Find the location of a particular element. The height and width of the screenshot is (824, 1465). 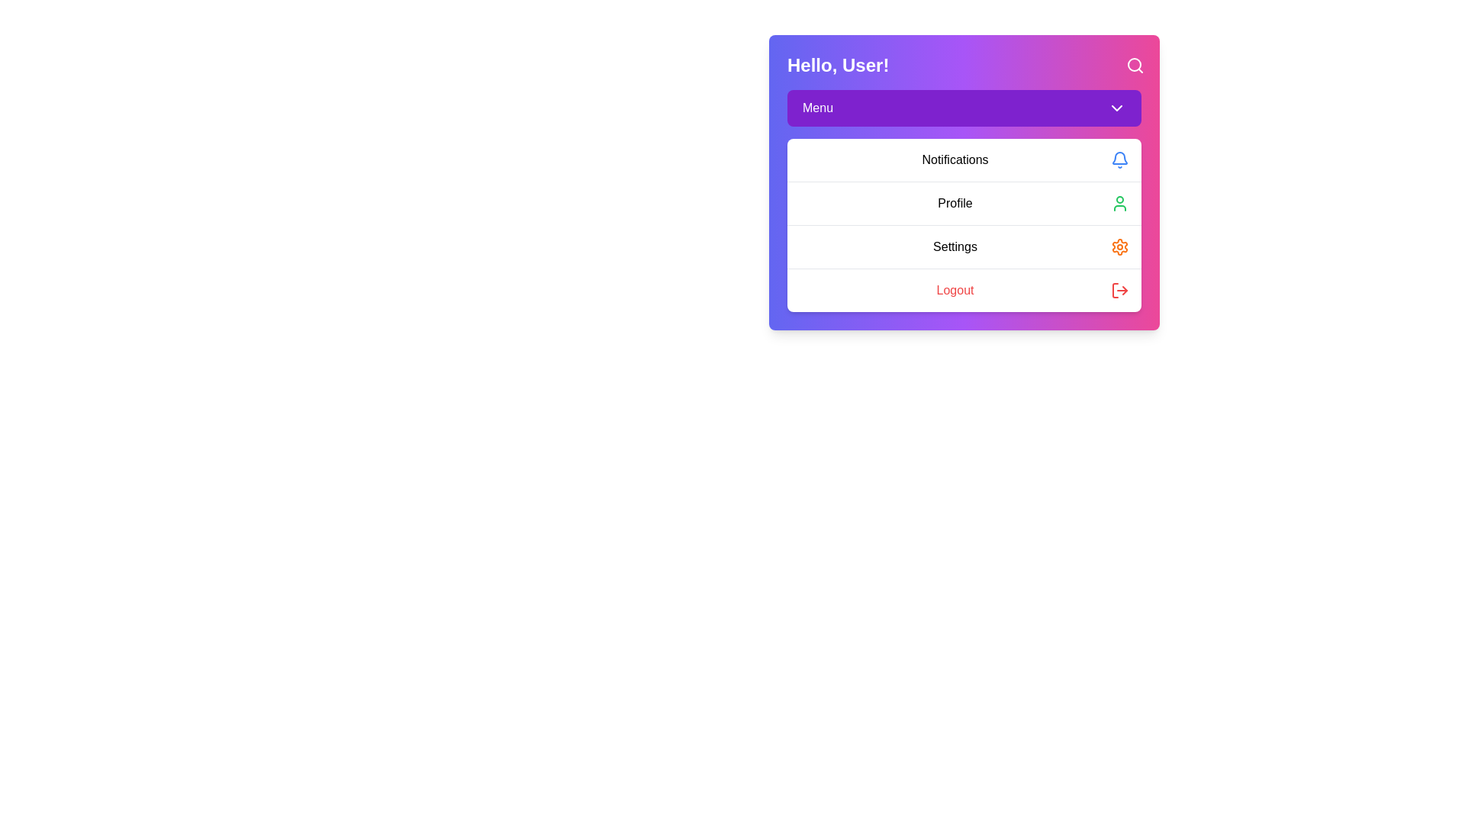

the search icon to initiate the search functionality is located at coordinates (1135, 64).